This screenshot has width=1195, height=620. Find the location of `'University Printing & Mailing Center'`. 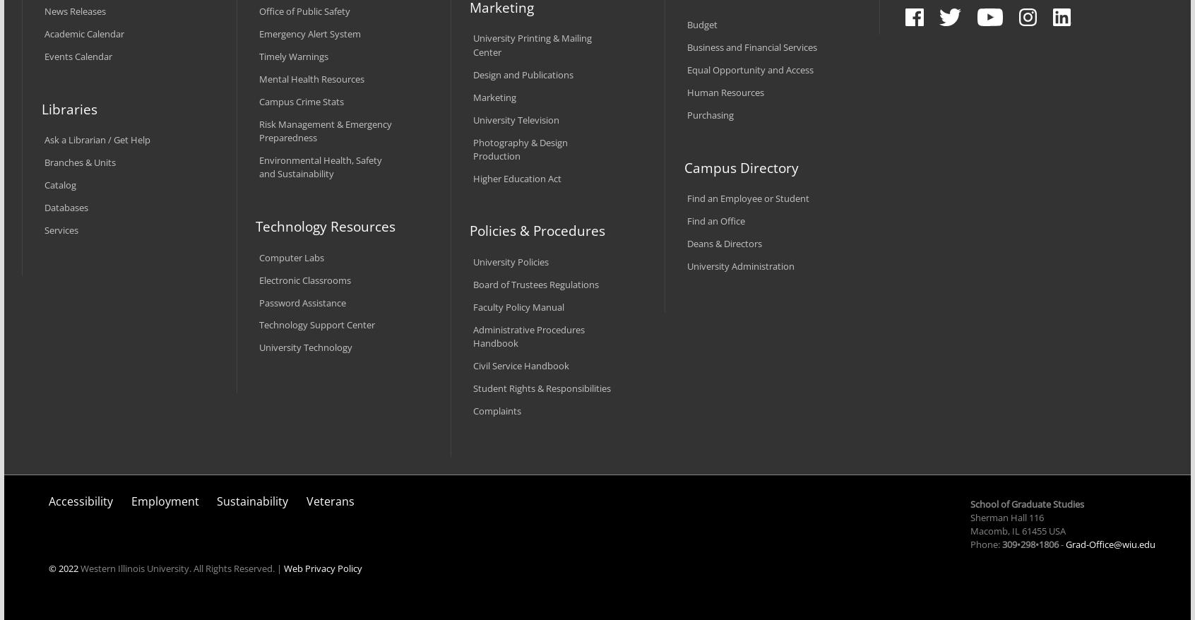

'University Printing & Mailing Center' is located at coordinates (531, 44).